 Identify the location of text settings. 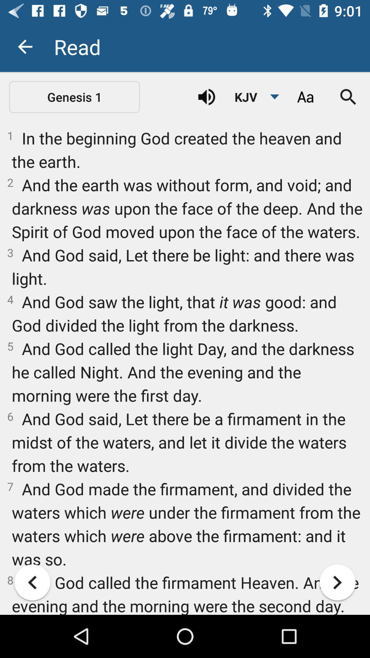
(305, 97).